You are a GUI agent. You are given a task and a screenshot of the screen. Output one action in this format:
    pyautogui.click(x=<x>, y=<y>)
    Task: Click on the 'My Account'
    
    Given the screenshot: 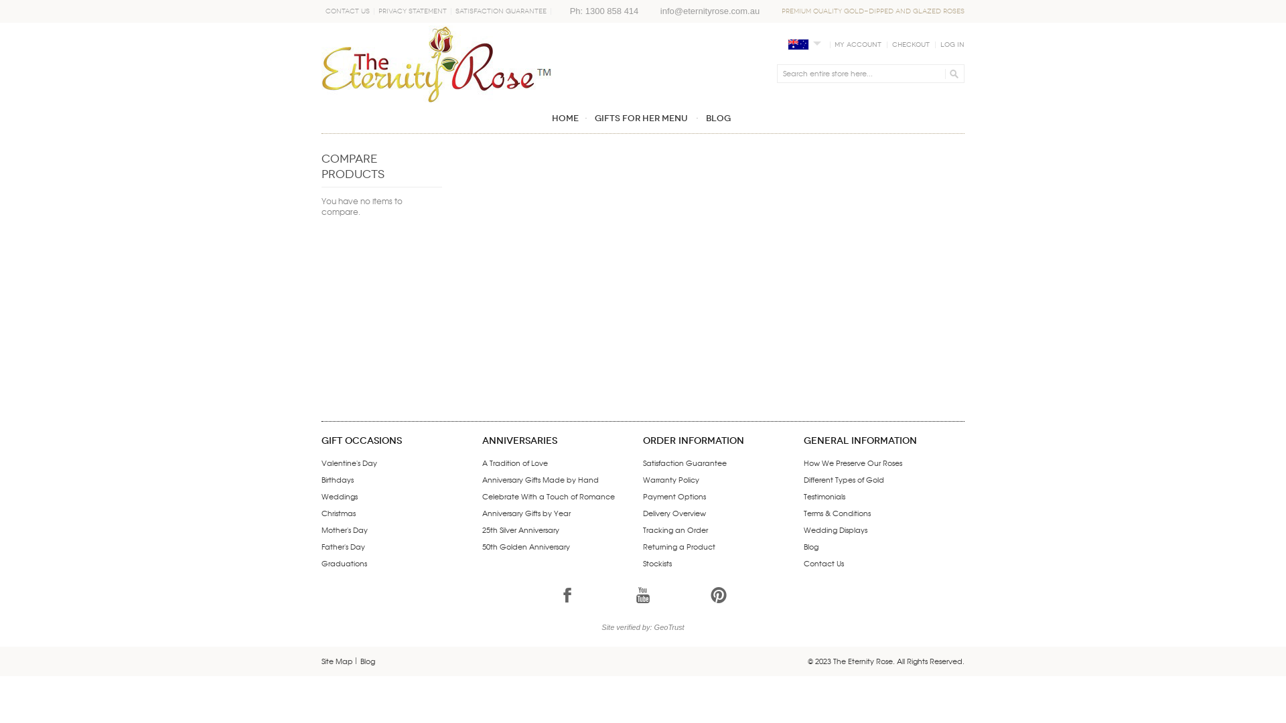 What is the action you would take?
    pyautogui.click(x=858, y=44)
    